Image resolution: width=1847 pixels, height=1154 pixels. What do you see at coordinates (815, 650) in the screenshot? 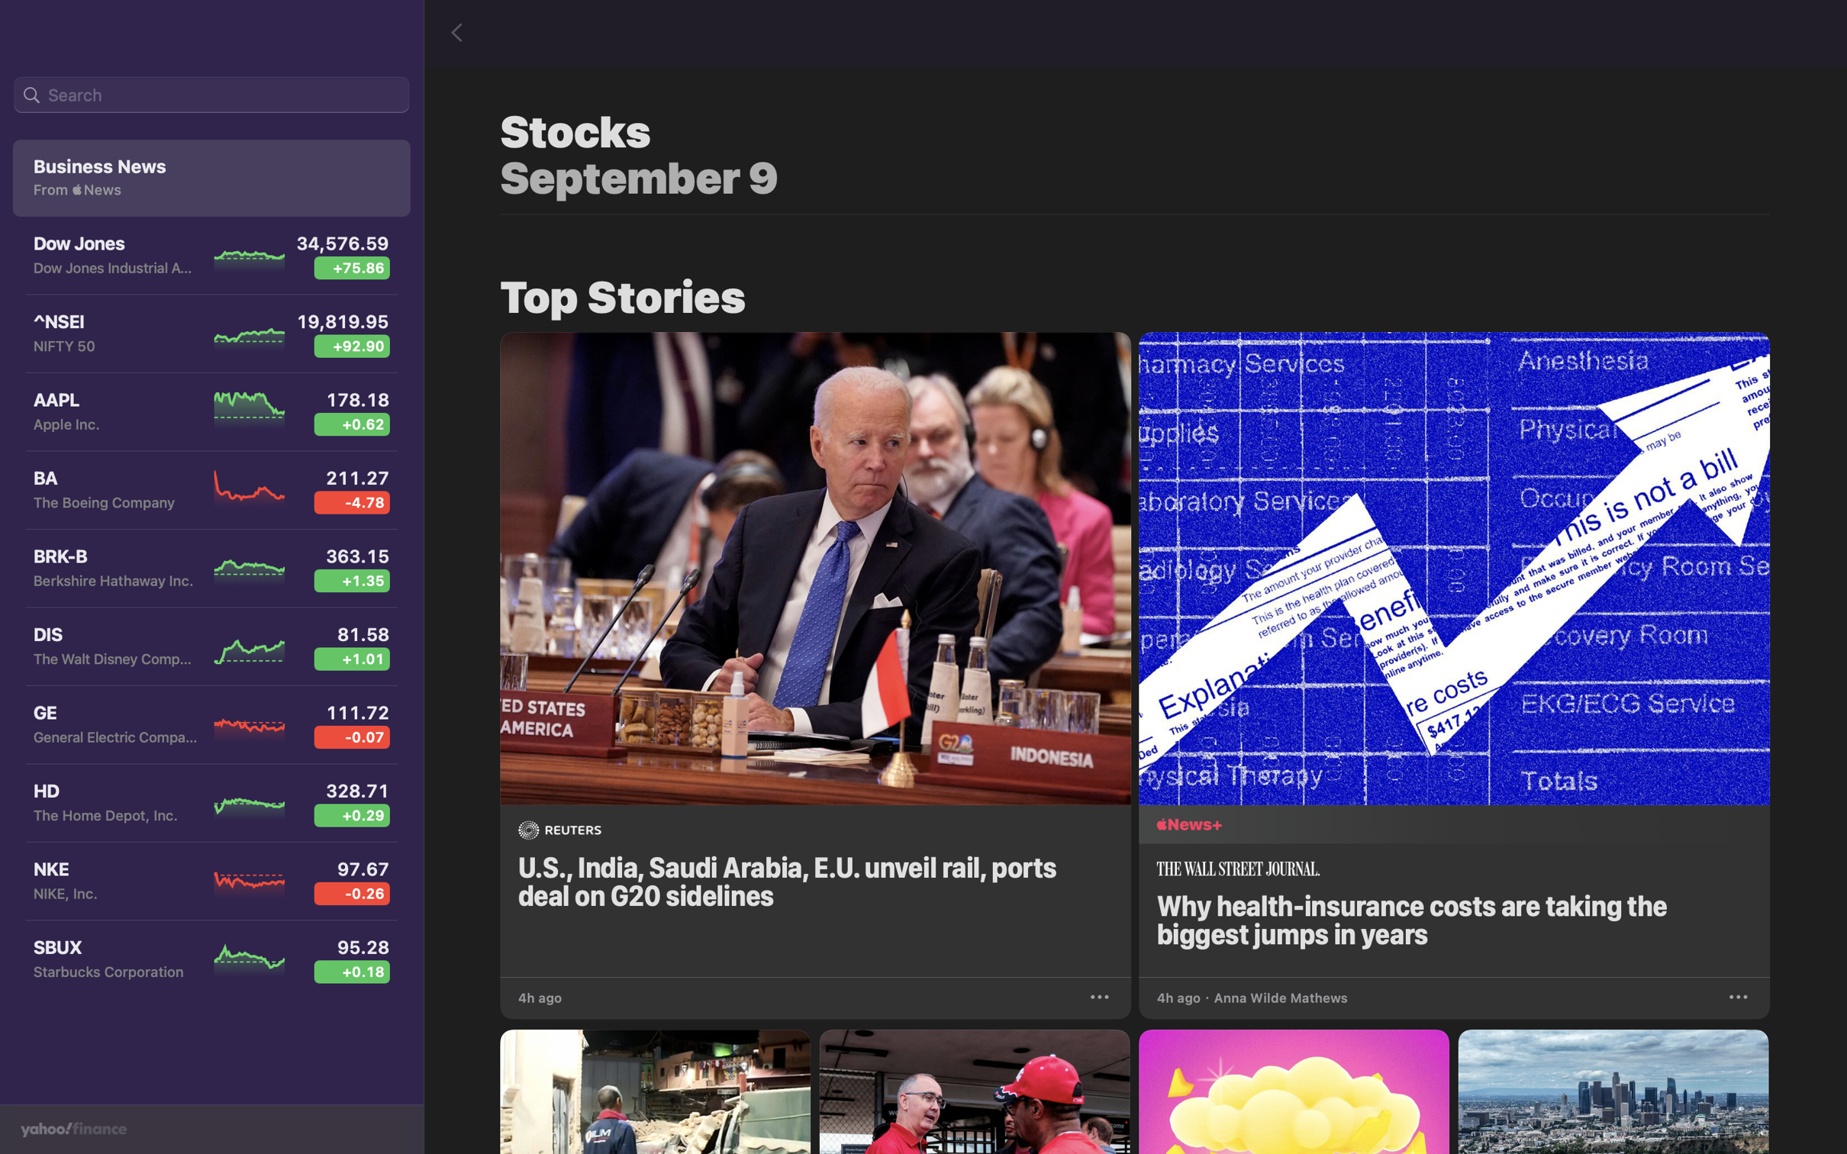
I see `the G20 news shown on the panel` at bounding box center [815, 650].